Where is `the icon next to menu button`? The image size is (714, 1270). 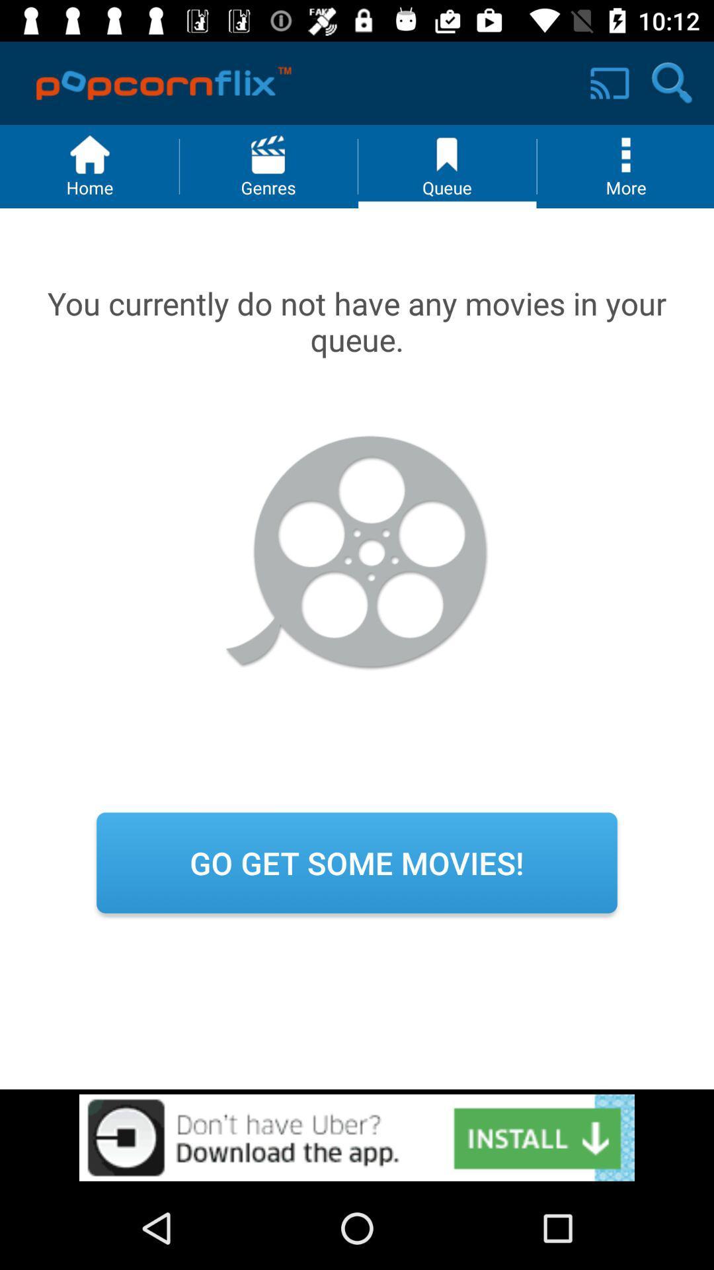
the icon next to menu button is located at coordinates (446, 155).